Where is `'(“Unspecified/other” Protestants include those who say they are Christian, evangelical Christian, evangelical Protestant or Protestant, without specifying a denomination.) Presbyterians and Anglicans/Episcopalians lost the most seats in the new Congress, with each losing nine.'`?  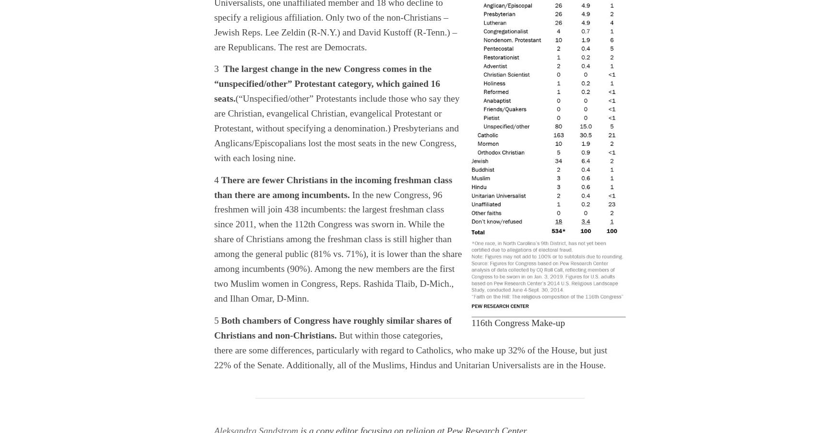
'(“Unspecified/other” Protestants include those who say they are Christian, evangelical Christian, evangelical Protestant or Protestant, without specifying a denomination.) Presbyterians and Anglicans/Episcopalians lost the most seats in the new Congress, with each losing nine.' is located at coordinates (336, 128).